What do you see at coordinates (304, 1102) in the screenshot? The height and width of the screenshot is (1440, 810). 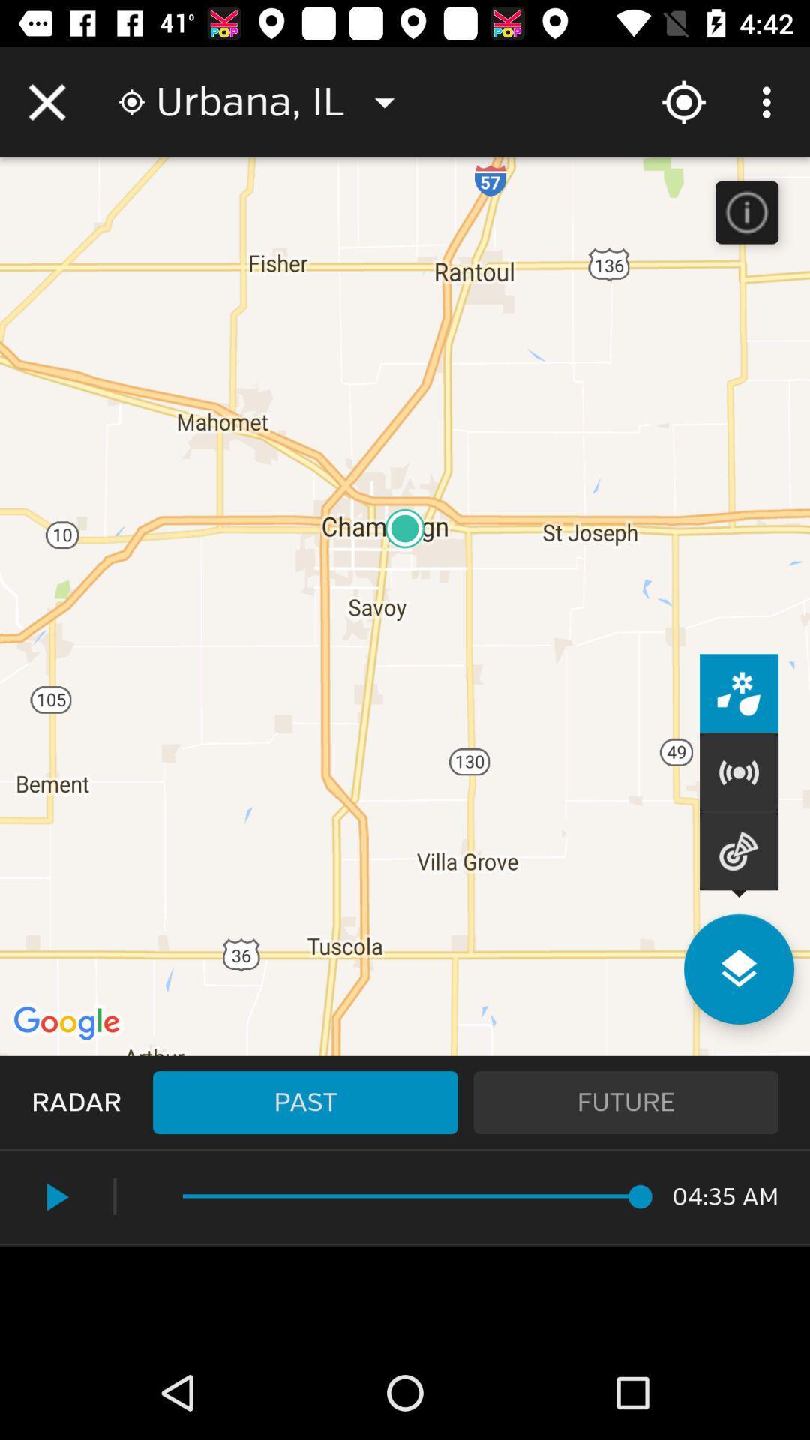 I see `the past icon` at bounding box center [304, 1102].